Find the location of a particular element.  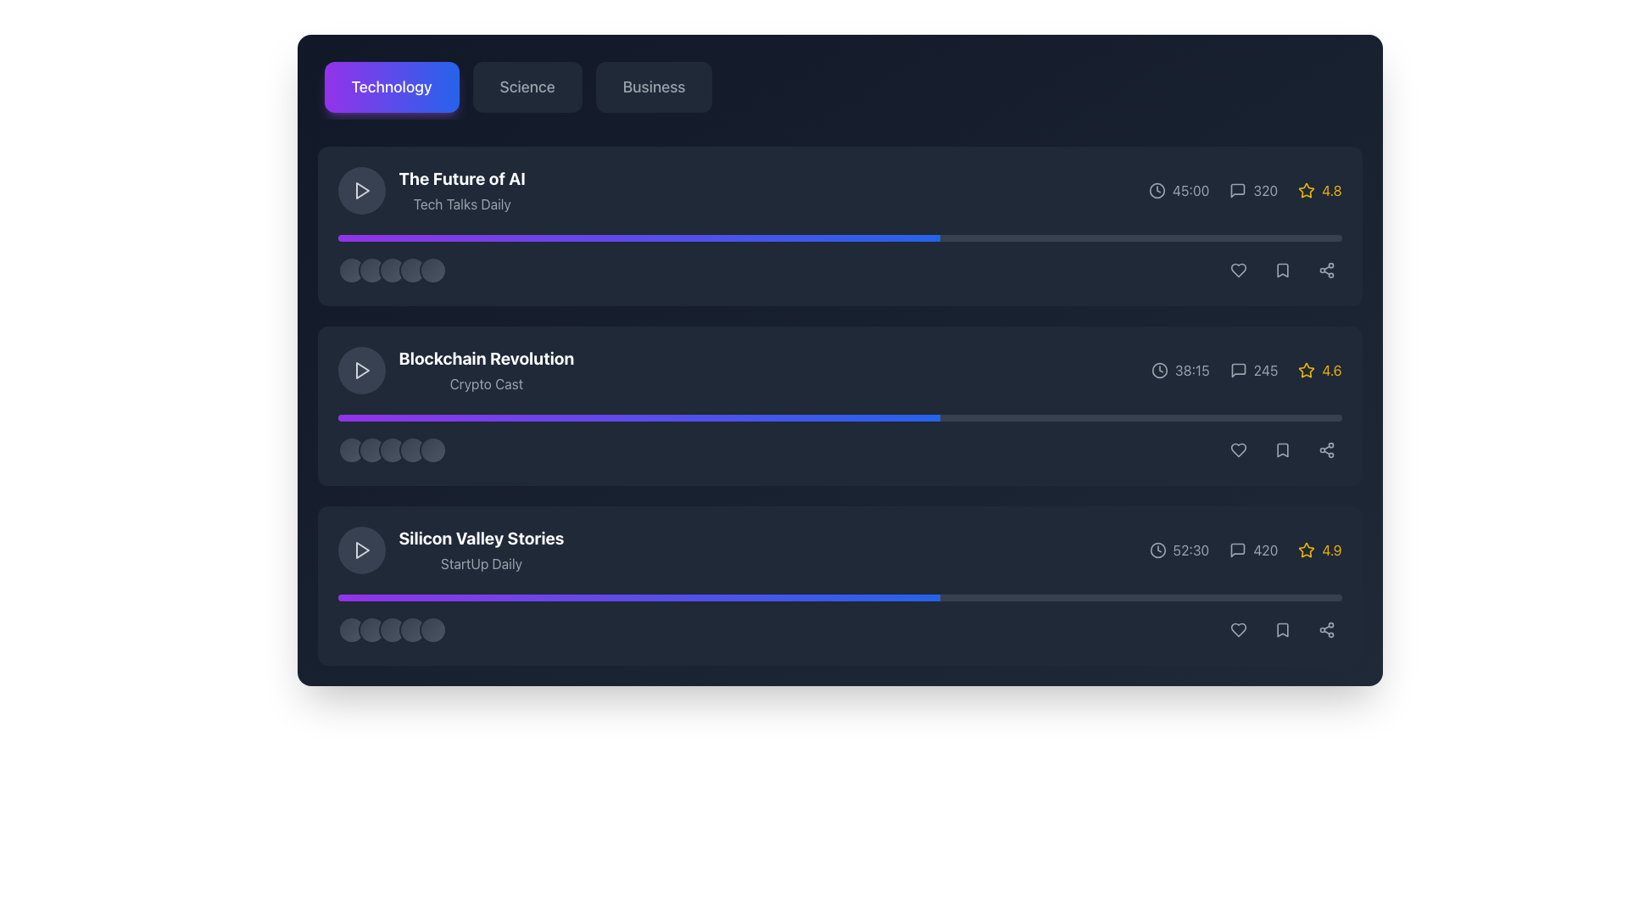

the third circular progress indicator in the 'Blockchain Revolution' section, which visually represents progress in a sequence of five elements is located at coordinates (391, 450).